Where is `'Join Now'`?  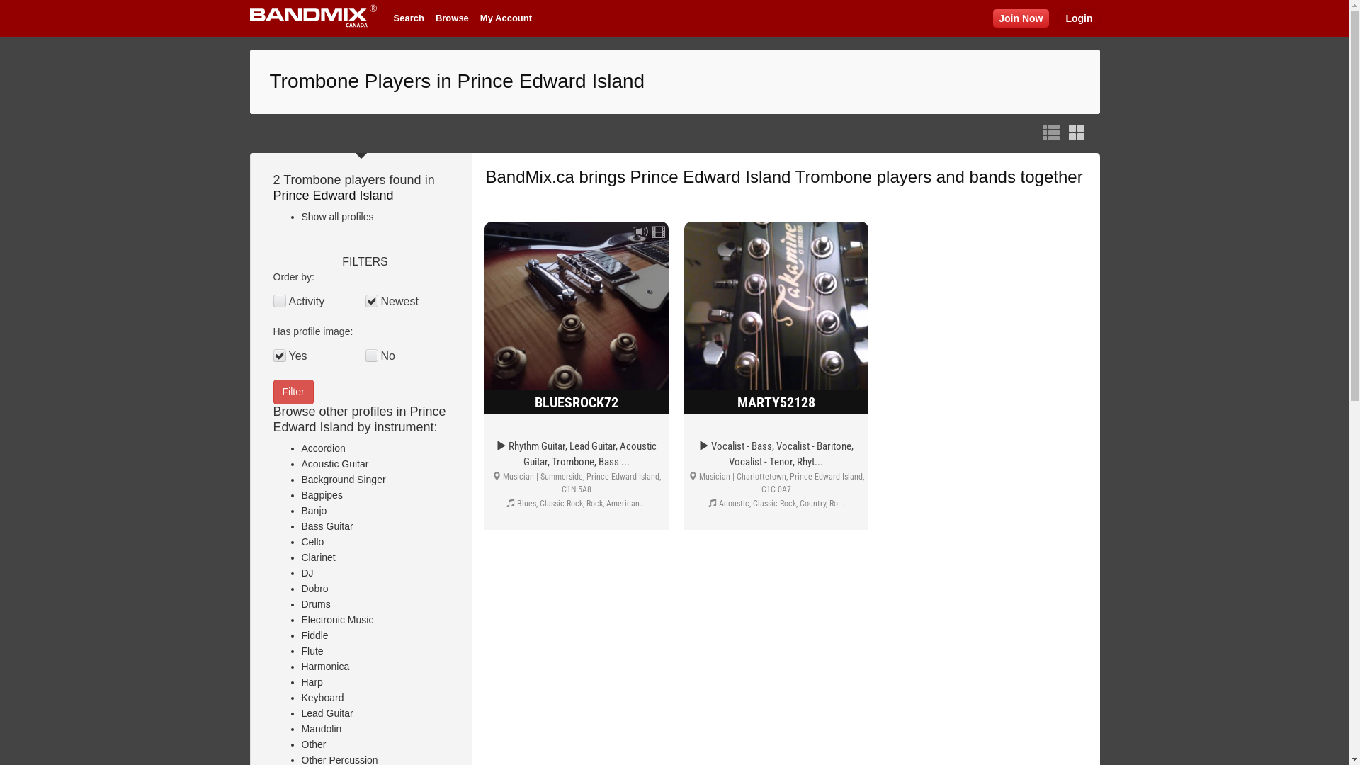
'Join Now' is located at coordinates (992, 18).